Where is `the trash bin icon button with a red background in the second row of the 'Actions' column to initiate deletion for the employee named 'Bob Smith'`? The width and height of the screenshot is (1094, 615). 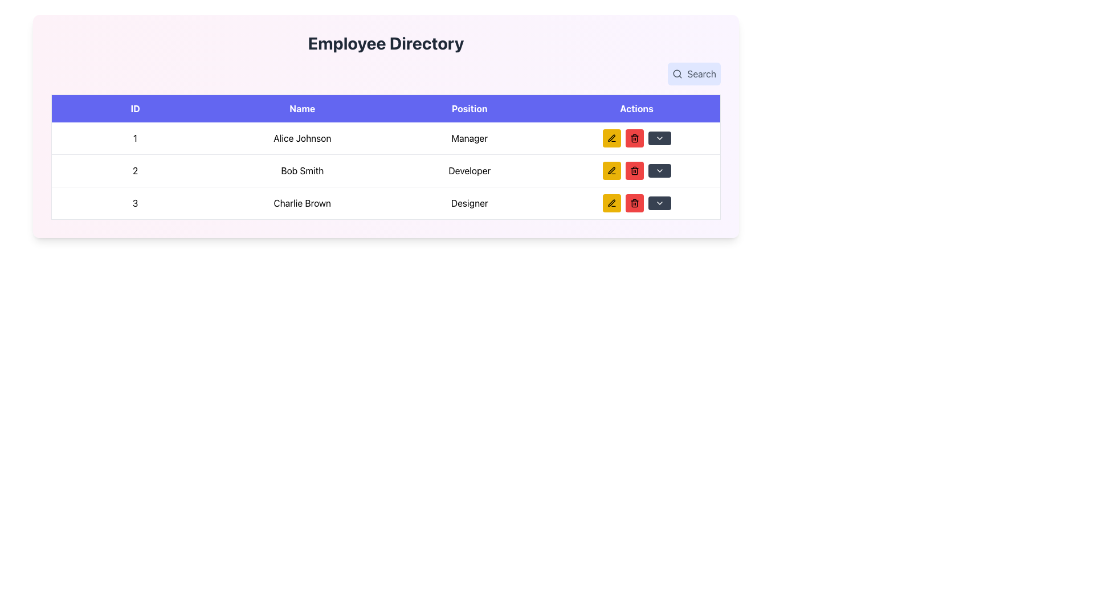 the trash bin icon button with a red background in the second row of the 'Actions' column to initiate deletion for the employee named 'Bob Smith' is located at coordinates (634, 138).